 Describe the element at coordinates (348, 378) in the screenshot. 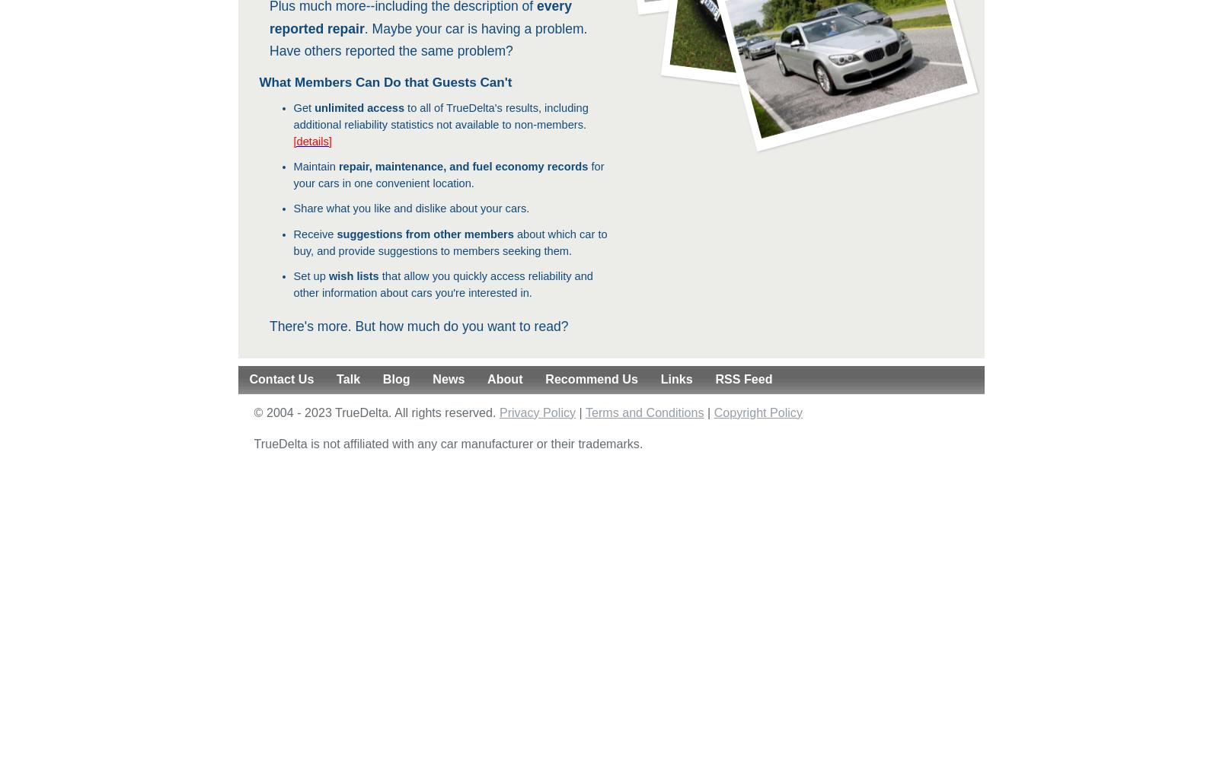

I see `'Talk'` at that location.